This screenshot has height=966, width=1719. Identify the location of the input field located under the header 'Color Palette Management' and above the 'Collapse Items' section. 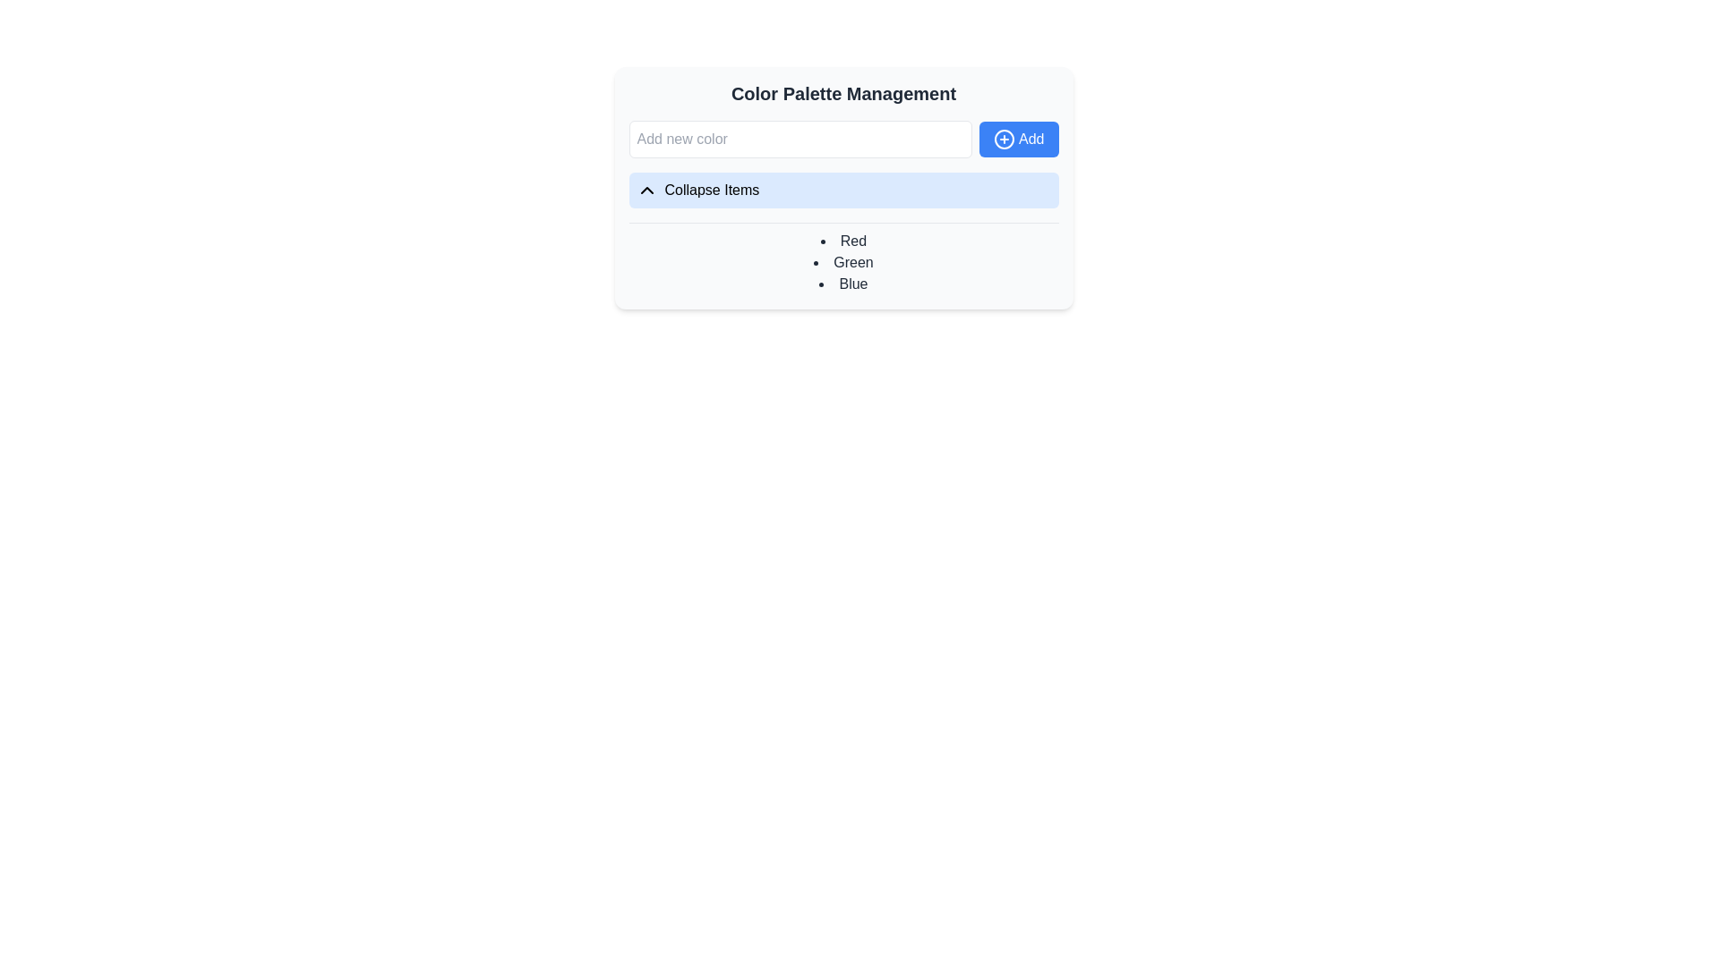
(842, 138).